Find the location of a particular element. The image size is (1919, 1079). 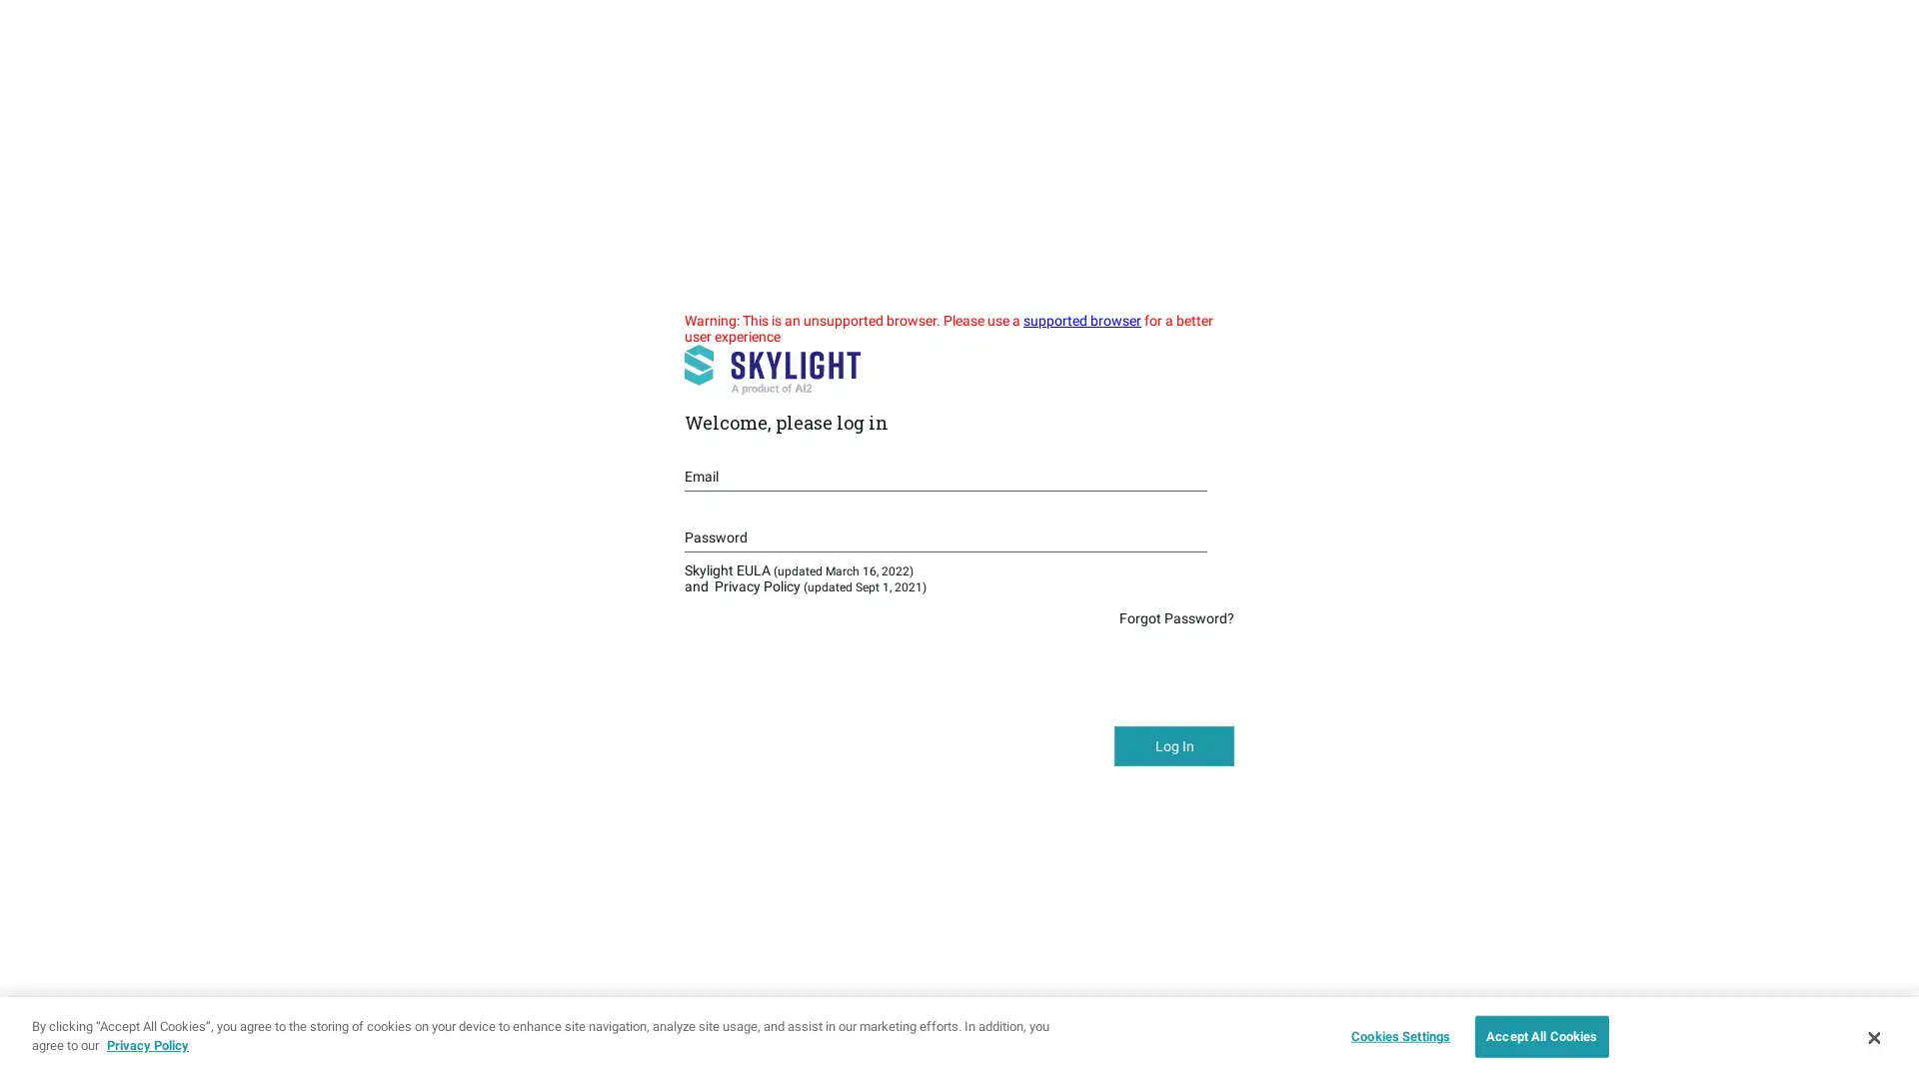

Accept All Cookies is located at coordinates (1540, 1035).